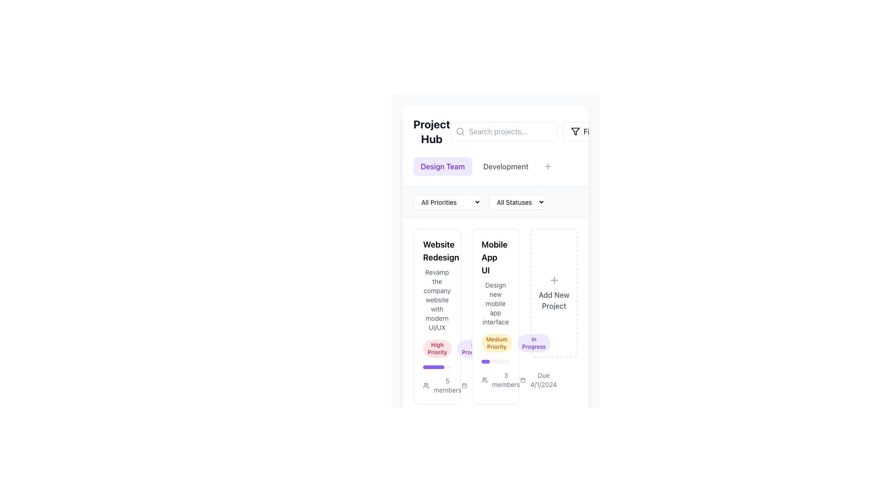 This screenshot has width=884, height=497. What do you see at coordinates (436, 300) in the screenshot?
I see `the text block containing 'Revamp the company website with modern UI/UX' which is styled in gray and is part of the 'Website Redesign' card` at bounding box center [436, 300].